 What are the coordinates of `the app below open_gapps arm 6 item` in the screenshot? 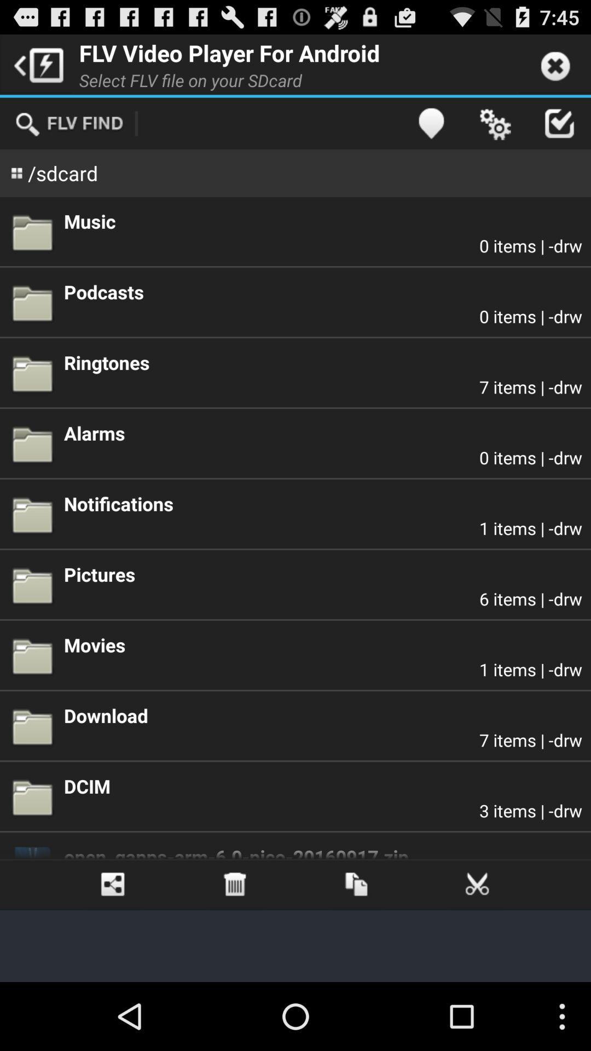 It's located at (234, 885).